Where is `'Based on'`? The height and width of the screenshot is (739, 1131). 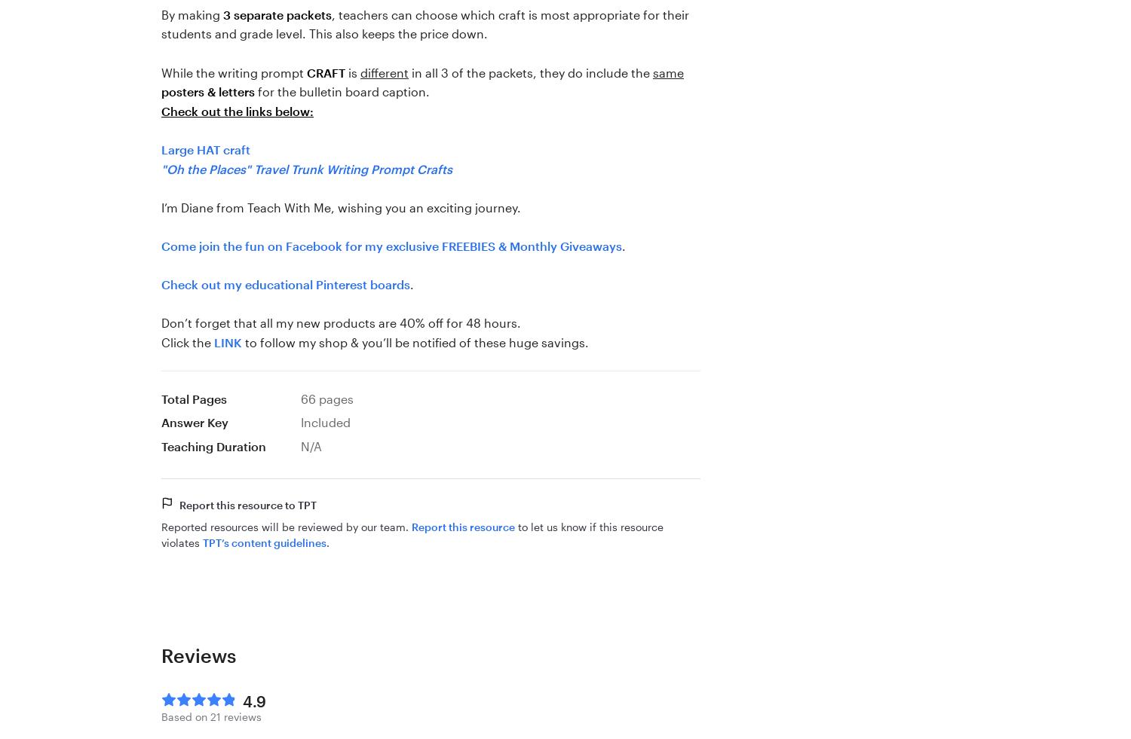 'Based on' is located at coordinates (185, 716).